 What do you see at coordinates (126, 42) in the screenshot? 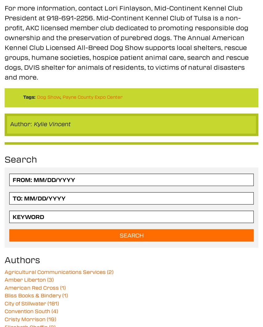
I see `'For more information, contact Lori Finlayson, Mid-Continent Kennel Club President at 918-691-2256. Mid-Continent Kennel Club of Tulsa is a non-profit, AKC licensed member club dedicated to promoting responsible dog ownership and the preservation of purebred dogs. The Annual American Kennel Club Licensed All-Breed Dog Show supports local shelters, rescue groups, humane societies, hospice patient animal care, search and rescue dogs, DVIS shelter for animals of residents, to victims of natural disasters and more.'` at bounding box center [126, 42].